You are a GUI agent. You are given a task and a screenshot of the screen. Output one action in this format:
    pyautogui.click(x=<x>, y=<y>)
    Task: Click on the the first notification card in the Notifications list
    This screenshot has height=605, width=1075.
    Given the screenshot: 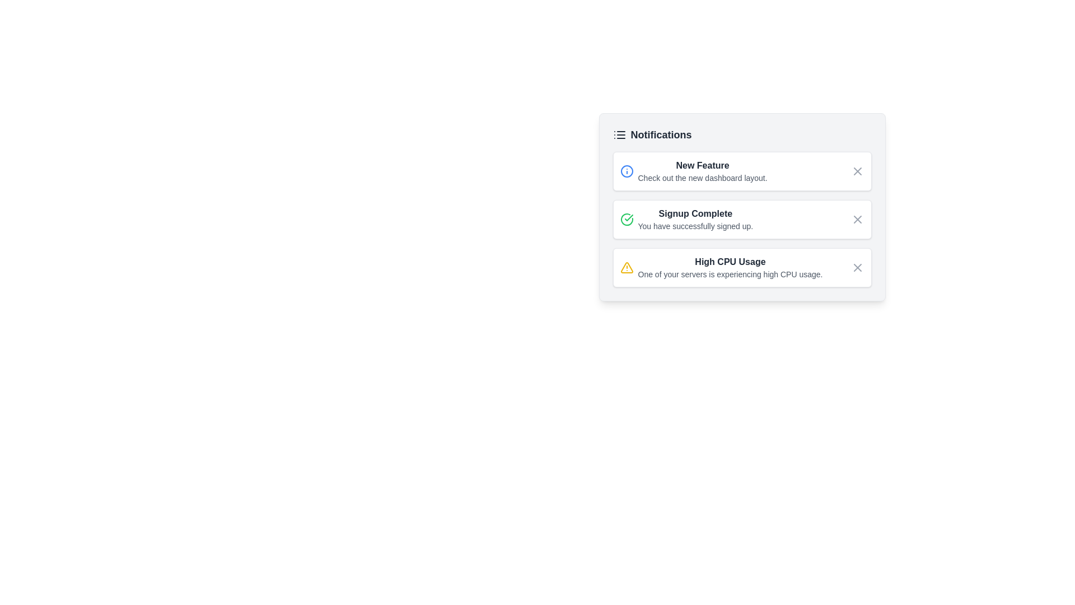 What is the action you would take?
    pyautogui.click(x=742, y=171)
    